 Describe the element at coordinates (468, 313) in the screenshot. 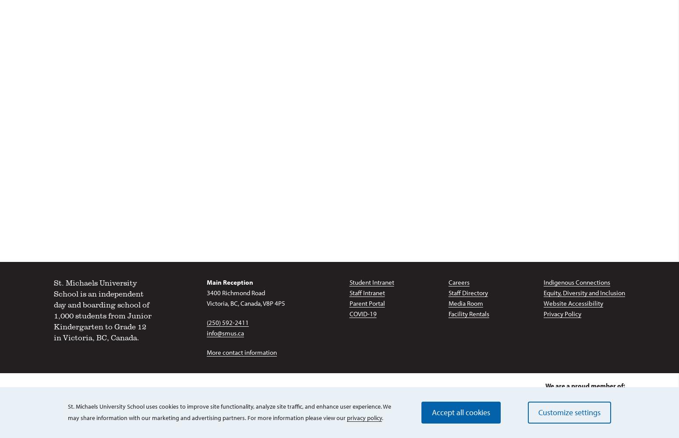

I see `'Facility Rentals'` at that location.